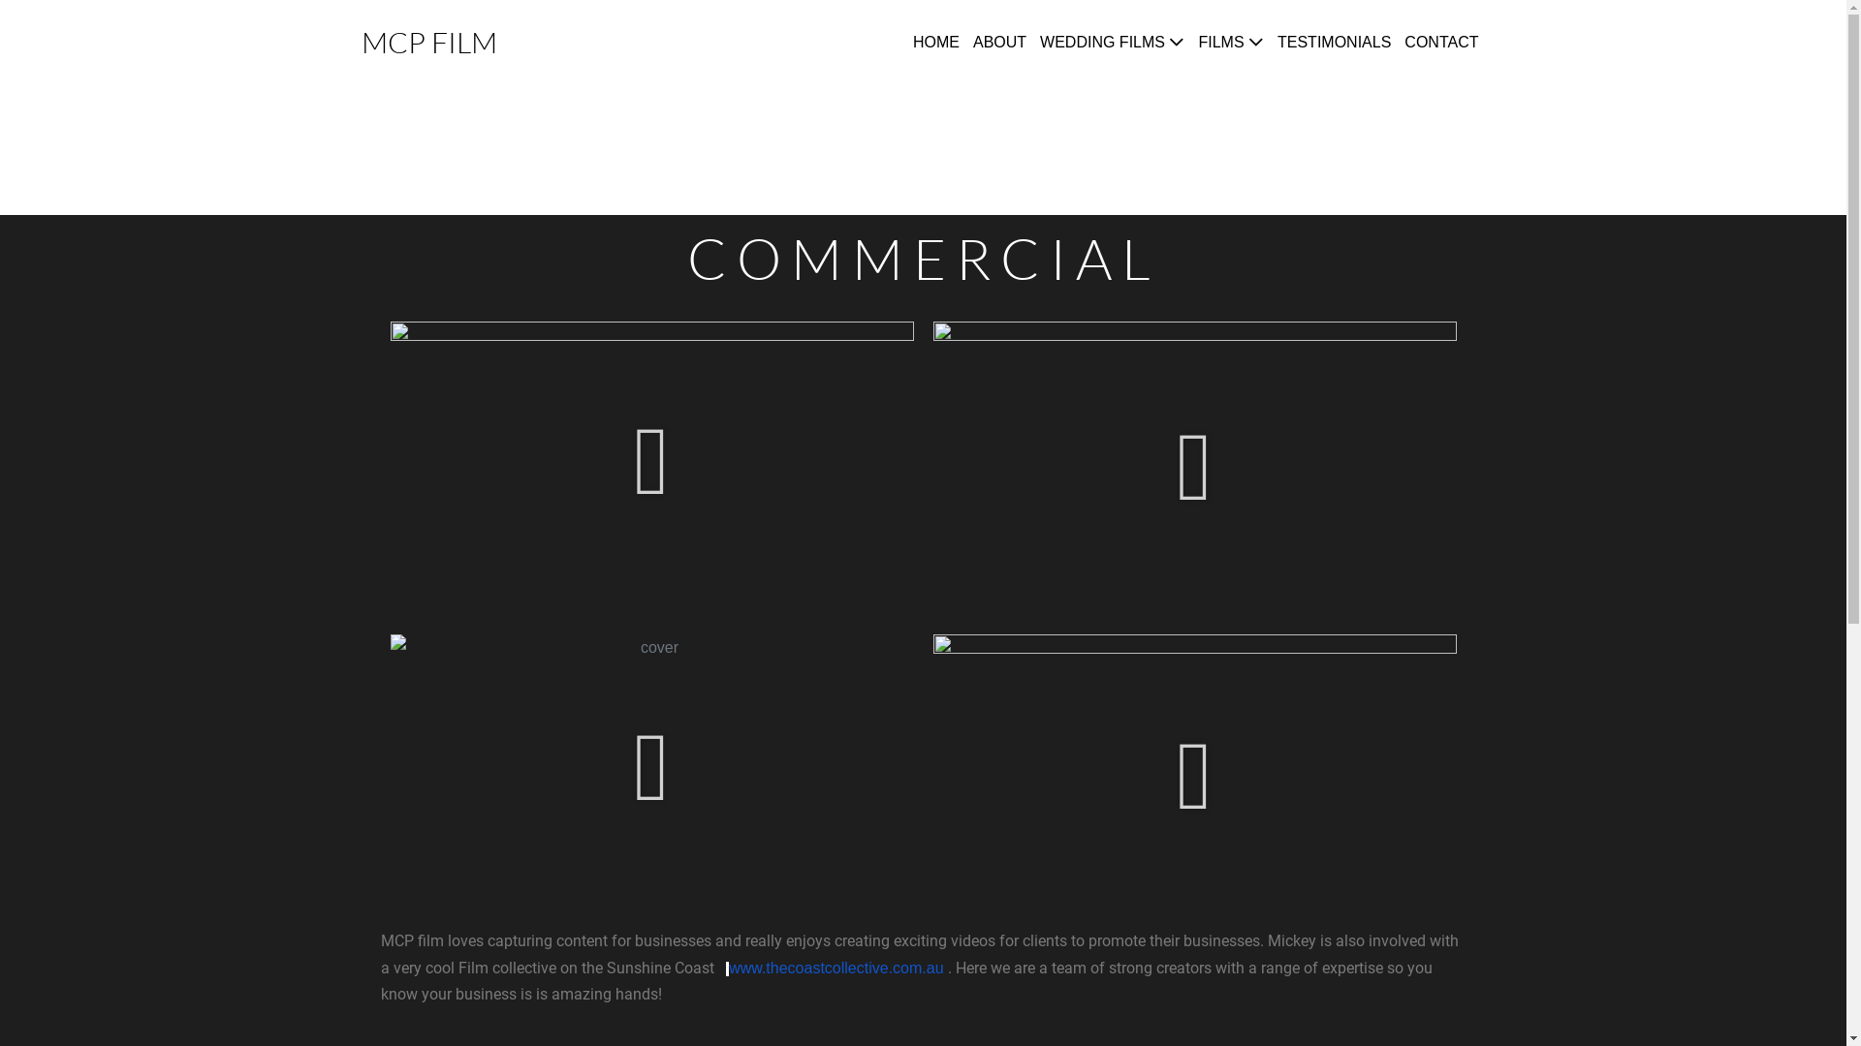 This screenshot has height=1046, width=1861. What do you see at coordinates (426, 42) in the screenshot?
I see `'MCP FILM'` at bounding box center [426, 42].